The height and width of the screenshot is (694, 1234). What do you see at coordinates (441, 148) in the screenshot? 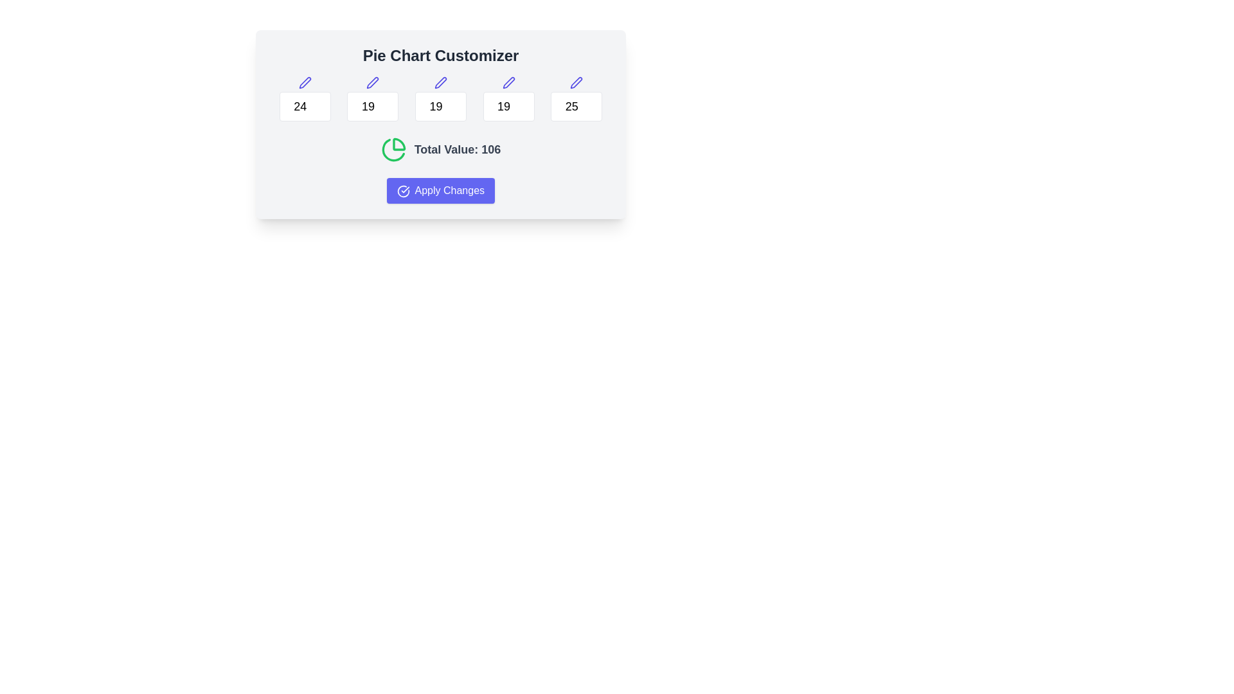
I see `the Text and Icon Display with the green pie chart icon and label 'Total Value: 106'` at bounding box center [441, 148].